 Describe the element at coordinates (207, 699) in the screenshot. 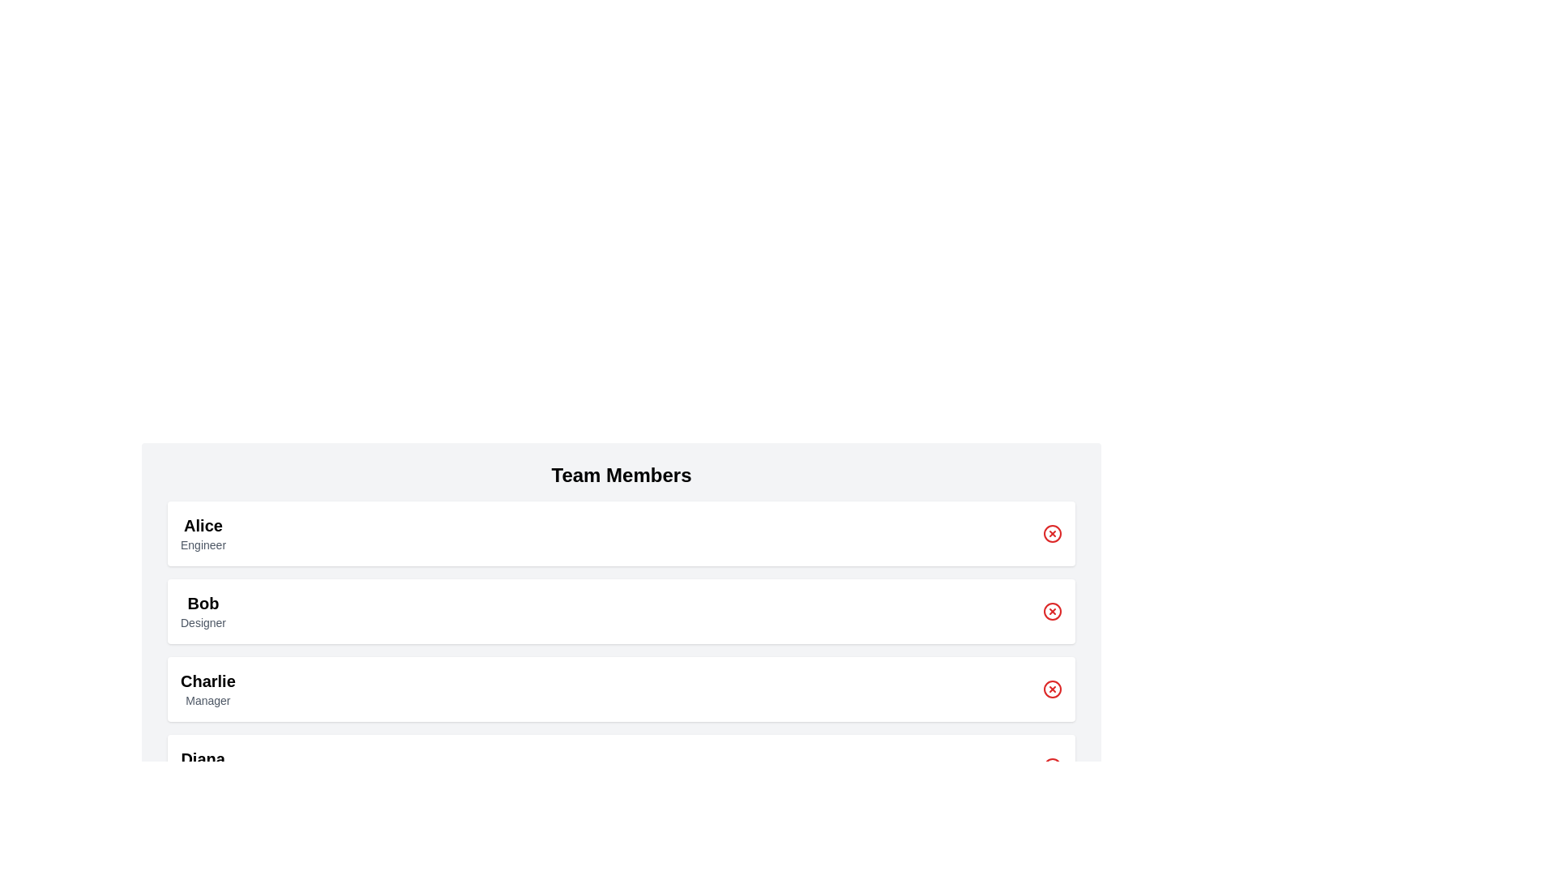

I see `the Text Label providing information about 'Charlie' in the 'Team Members' list` at that location.